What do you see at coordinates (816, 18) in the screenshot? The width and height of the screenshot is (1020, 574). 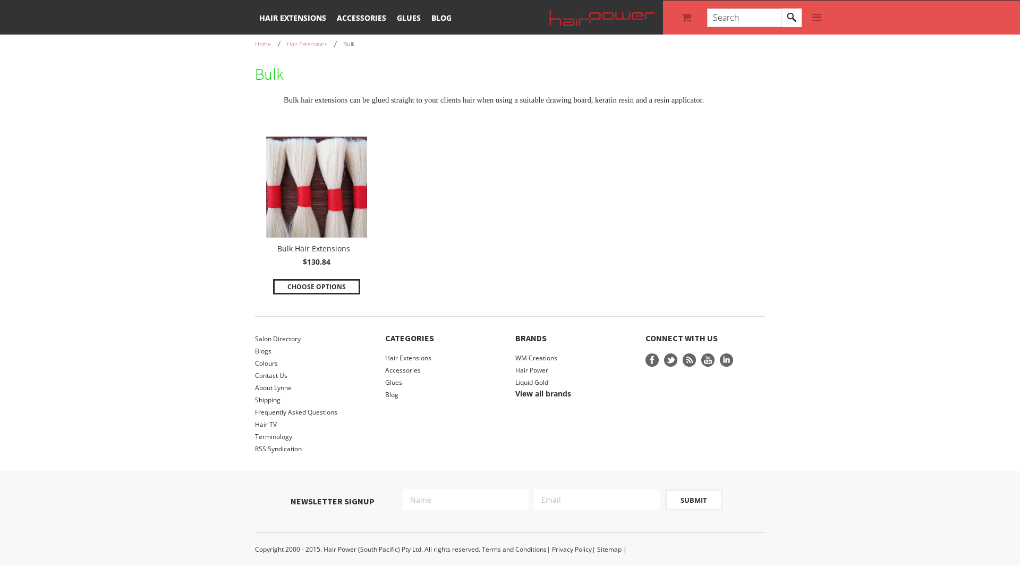 I see `'More'` at bounding box center [816, 18].